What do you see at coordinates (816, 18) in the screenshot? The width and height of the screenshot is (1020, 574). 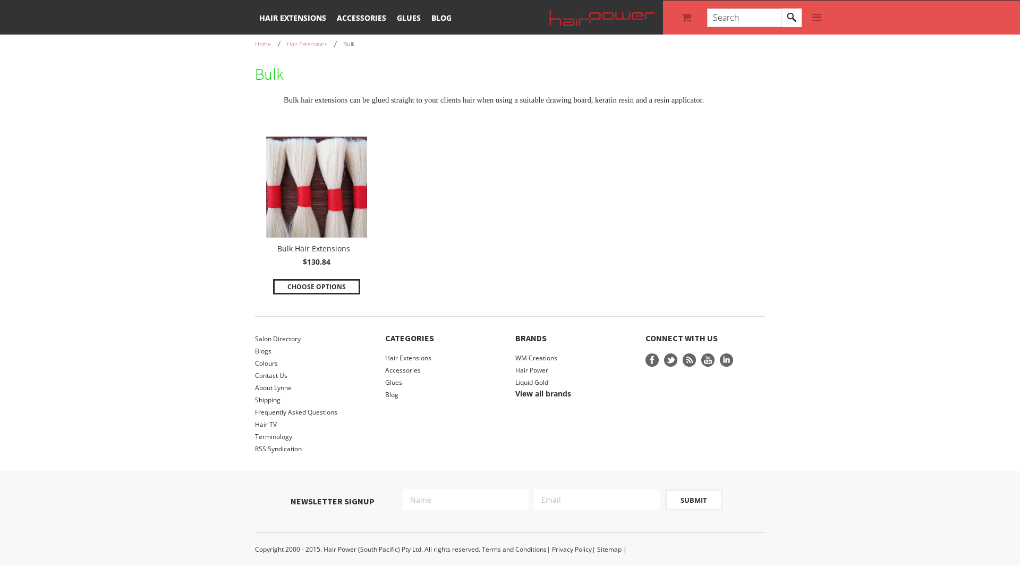 I see `'More'` at bounding box center [816, 18].